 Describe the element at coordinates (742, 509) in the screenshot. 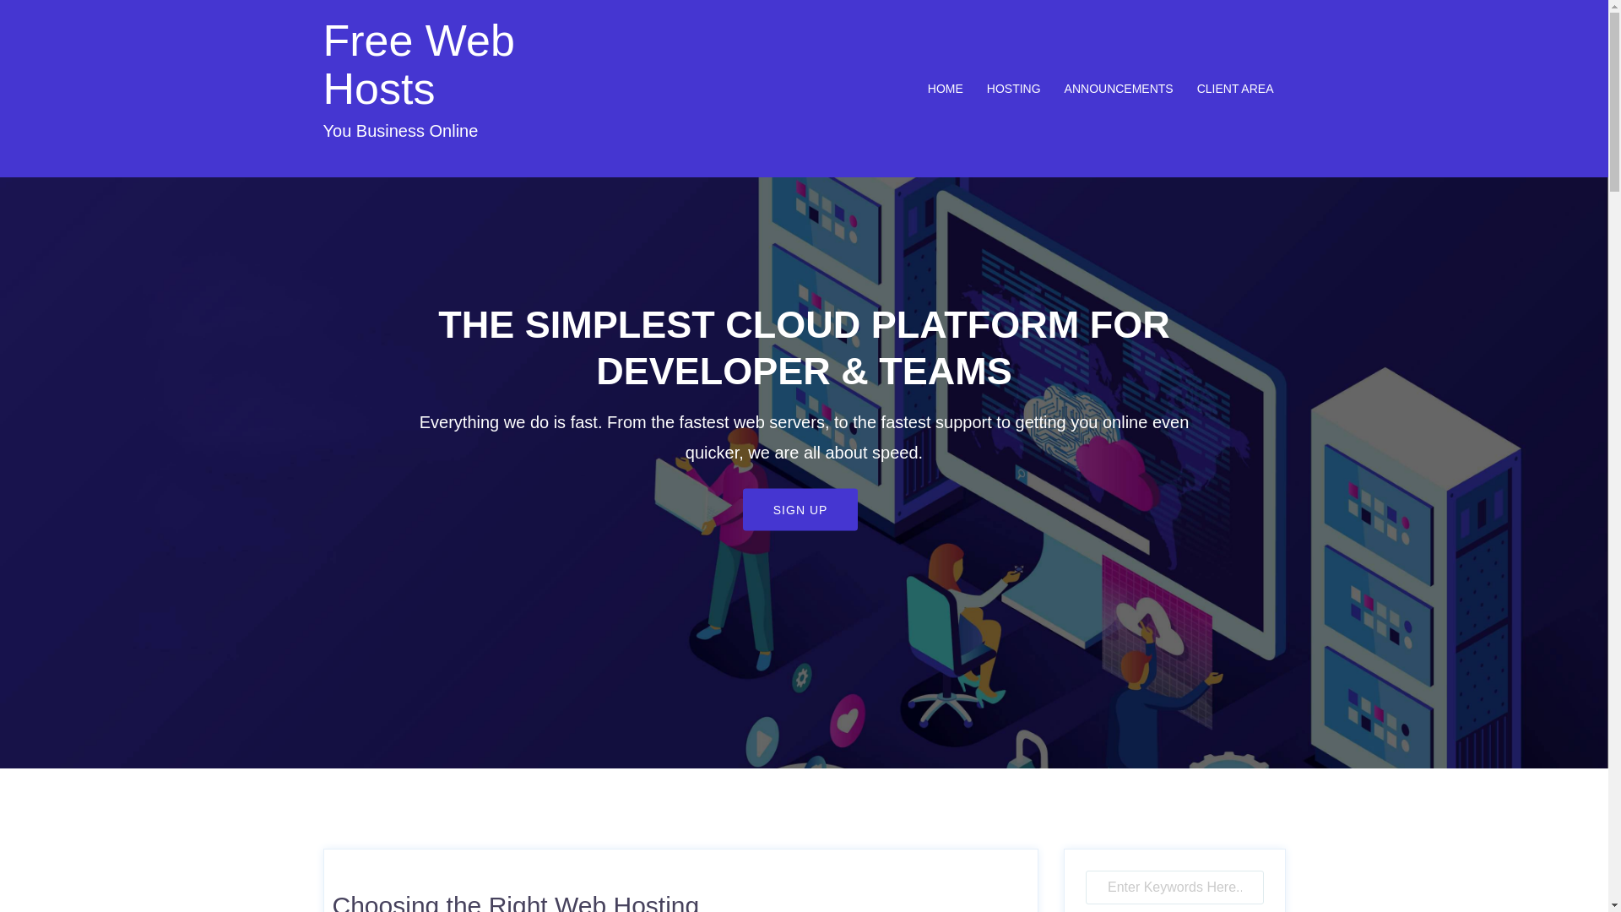

I see `'SIGN UP'` at that location.